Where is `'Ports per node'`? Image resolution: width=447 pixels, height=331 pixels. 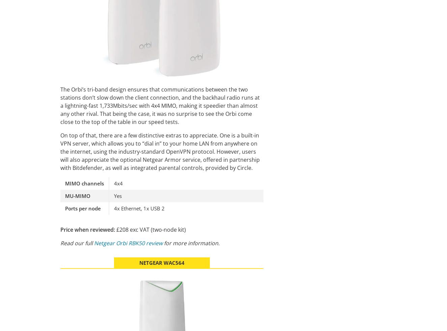 'Ports per node' is located at coordinates (83, 208).